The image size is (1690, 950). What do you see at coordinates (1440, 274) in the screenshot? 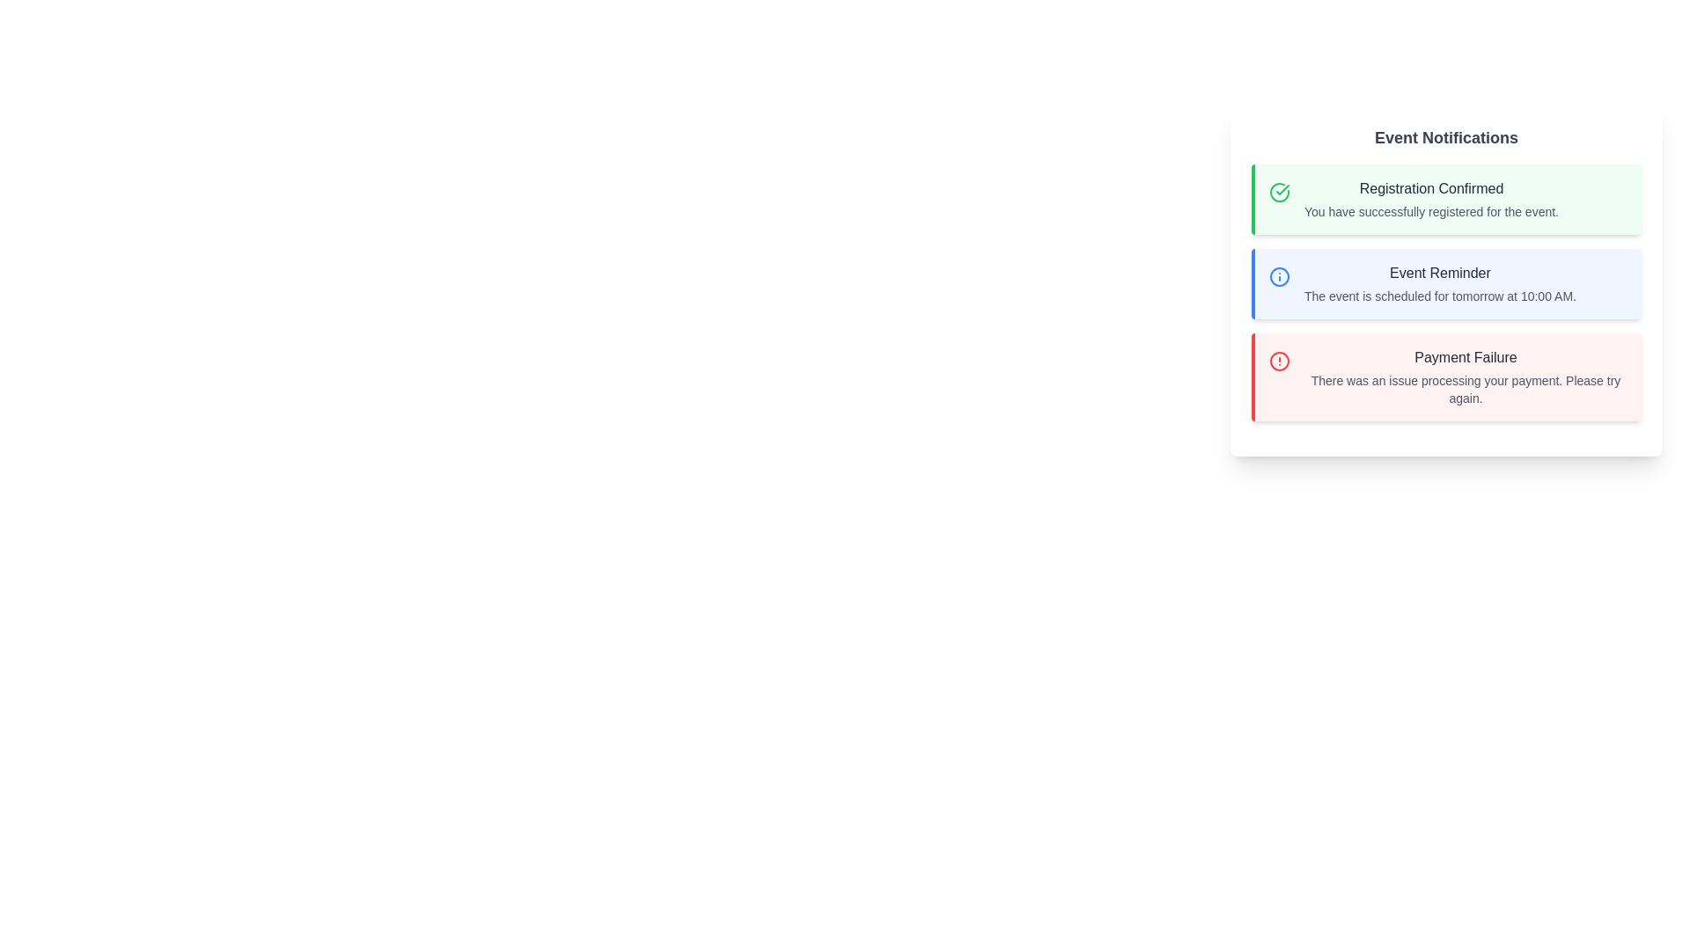
I see `the text label that serves as a title or header for the associated notification within the second notification row of the 'Event Notifications' card-like interface` at bounding box center [1440, 274].